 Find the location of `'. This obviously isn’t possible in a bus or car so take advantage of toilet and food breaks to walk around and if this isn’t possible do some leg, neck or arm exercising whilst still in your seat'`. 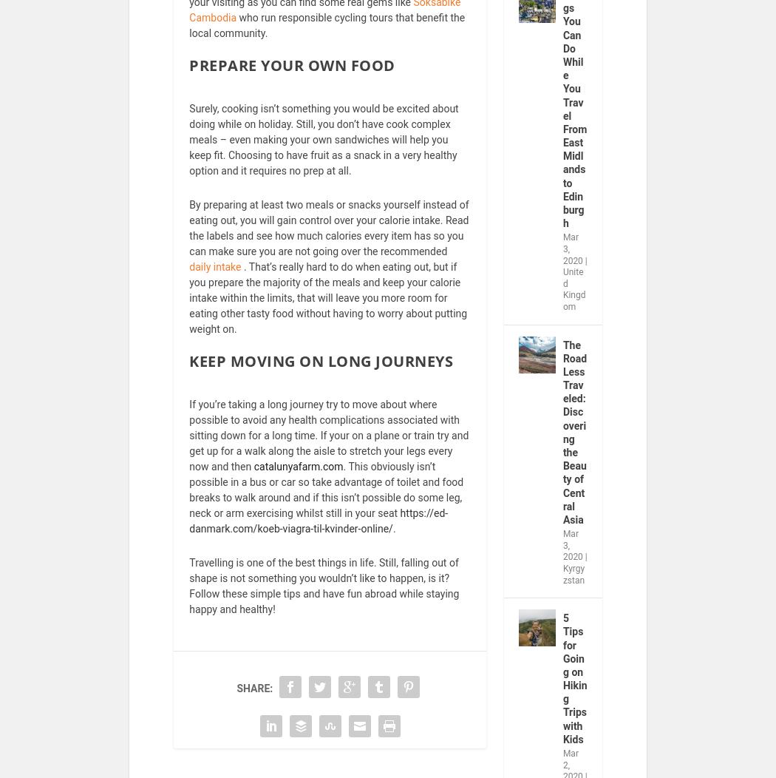

'. This obviously isn’t possible in a bus or car so take advantage of toilet and food breaks to walk around and if this isn’t possible do some leg, neck or arm exercising whilst still in your seat' is located at coordinates (325, 498).